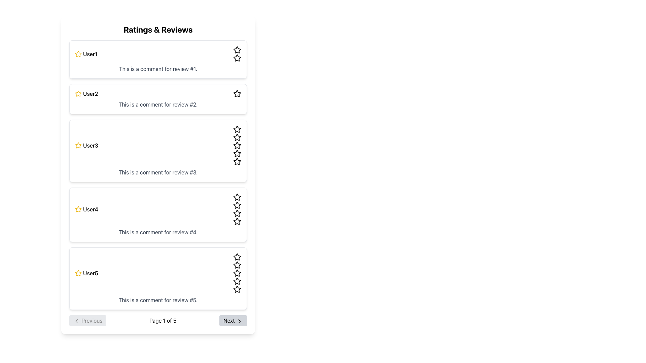 This screenshot has height=363, width=646. I want to click on the fifth star icon in the 5-star rating widget associated with User4's review card, so click(237, 213).